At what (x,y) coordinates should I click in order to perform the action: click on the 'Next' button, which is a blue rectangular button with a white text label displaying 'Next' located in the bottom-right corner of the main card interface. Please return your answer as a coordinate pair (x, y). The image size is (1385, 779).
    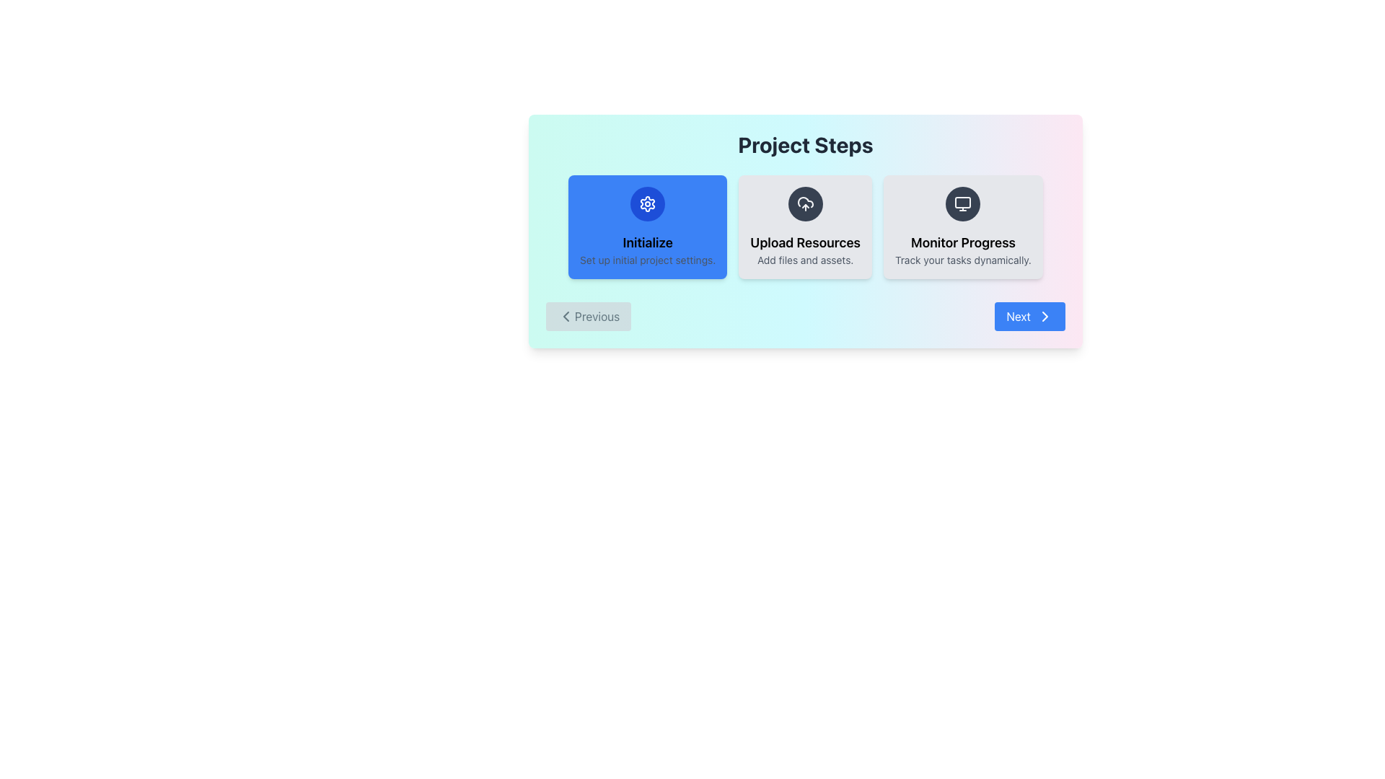
    Looking at the image, I should click on (1017, 316).